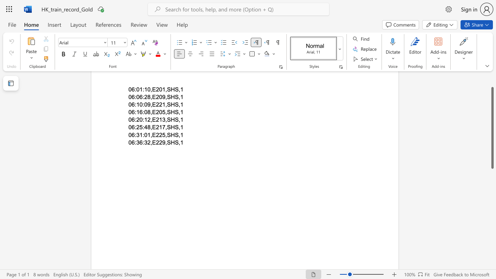 The width and height of the screenshot is (496, 279). What do you see at coordinates (492, 127) in the screenshot?
I see `the scrollbar and move down 420 pixels` at bounding box center [492, 127].